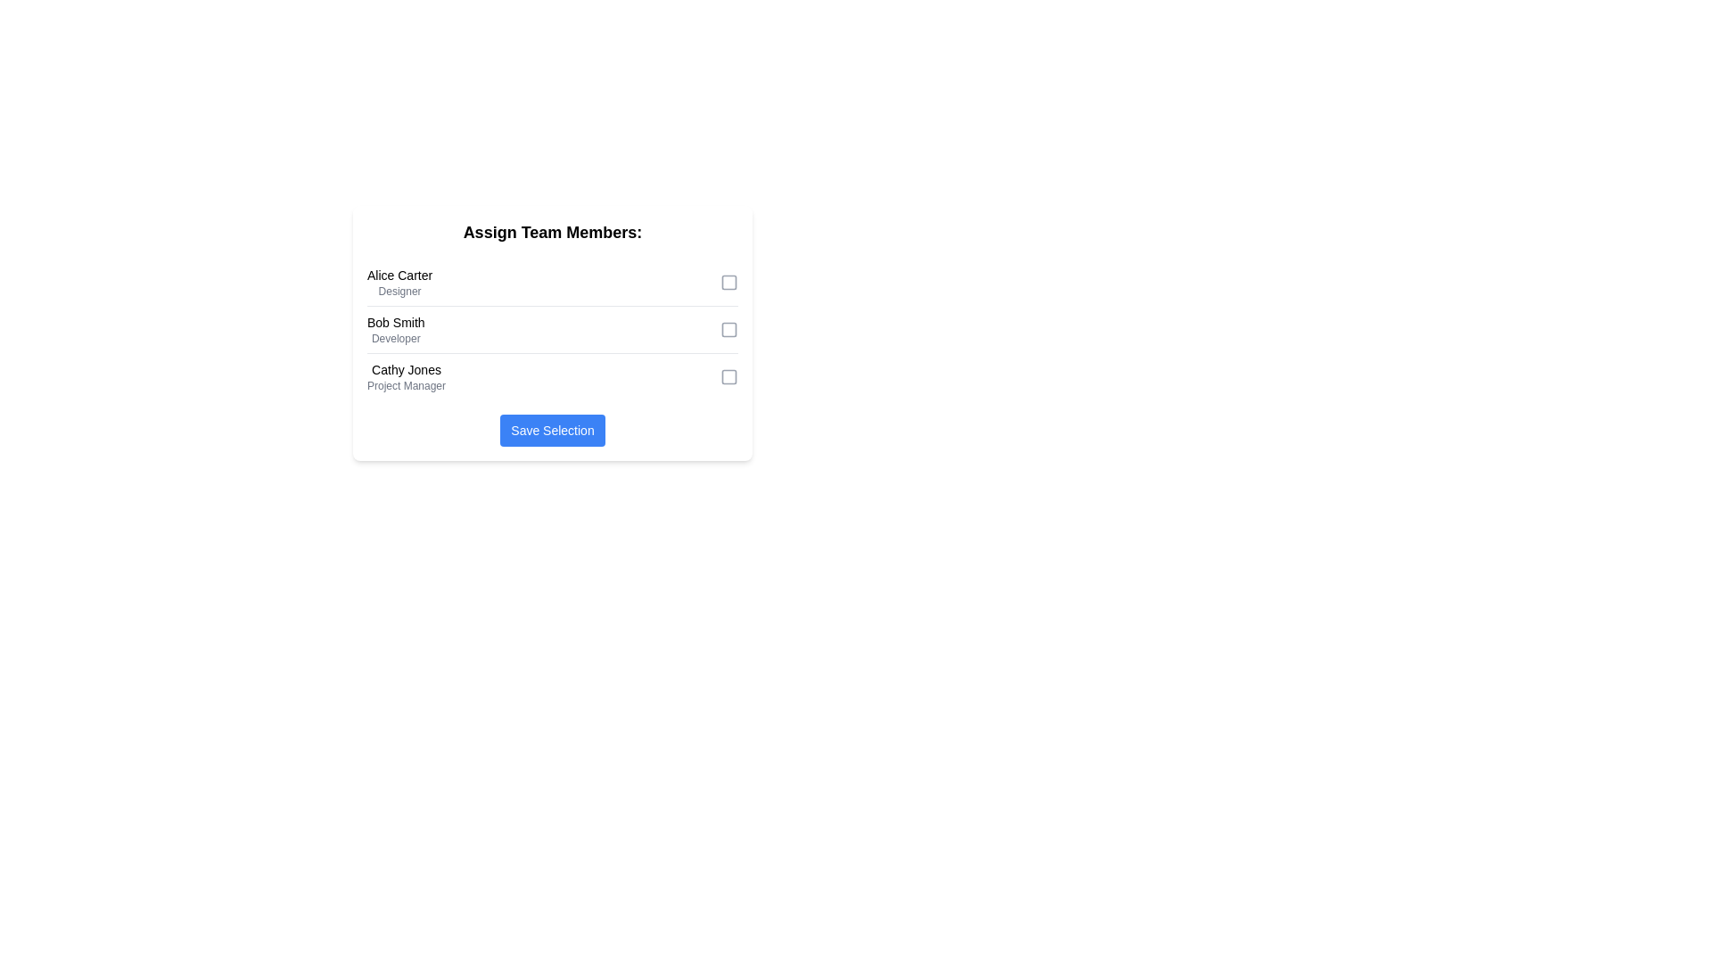 Image resolution: width=1712 pixels, height=963 pixels. What do you see at coordinates (728, 281) in the screenshot?
I see `the checkbox for the team member 'Alice Carter'` at bounding box center [728, 281].